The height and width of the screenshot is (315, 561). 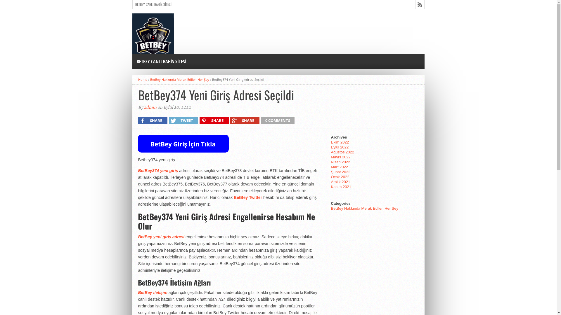 I want to click on 'BETBEY CANLI BAHIS SITESI', so click(x=131, y=62).